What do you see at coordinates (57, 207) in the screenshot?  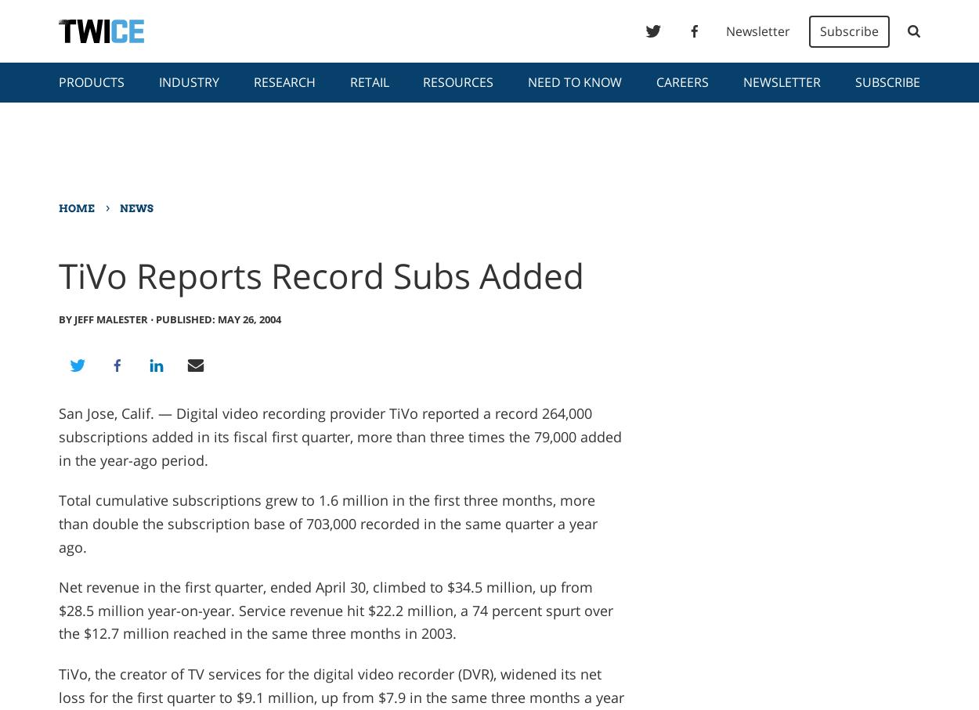 I see `'Home'` at bounding box center [57, 207].